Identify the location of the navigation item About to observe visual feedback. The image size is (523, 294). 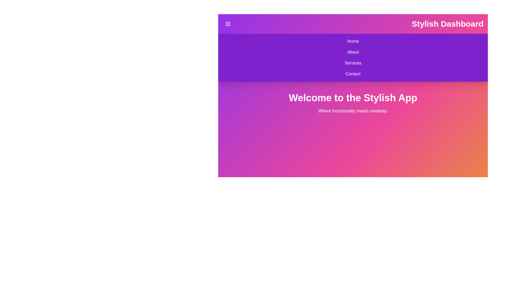
(353, 52).